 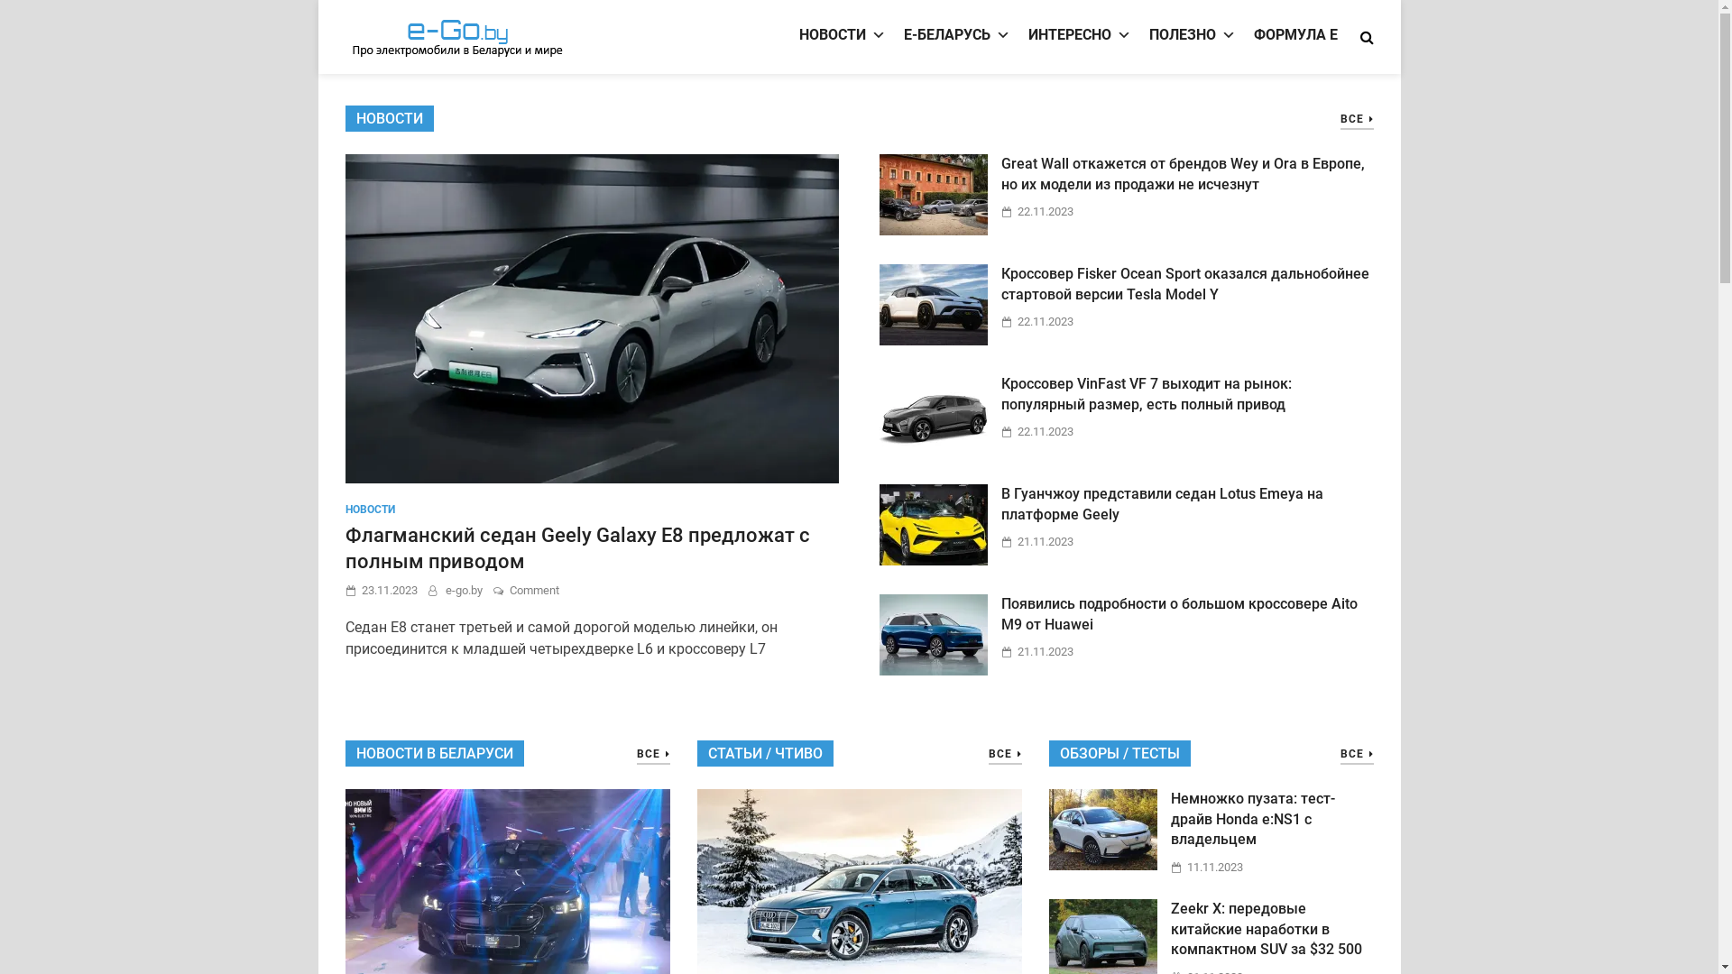 What do you see at coordinates (1215, 866) in the screenshot?
I see `'11.11.2023'` at bounding box center [1215, 866].